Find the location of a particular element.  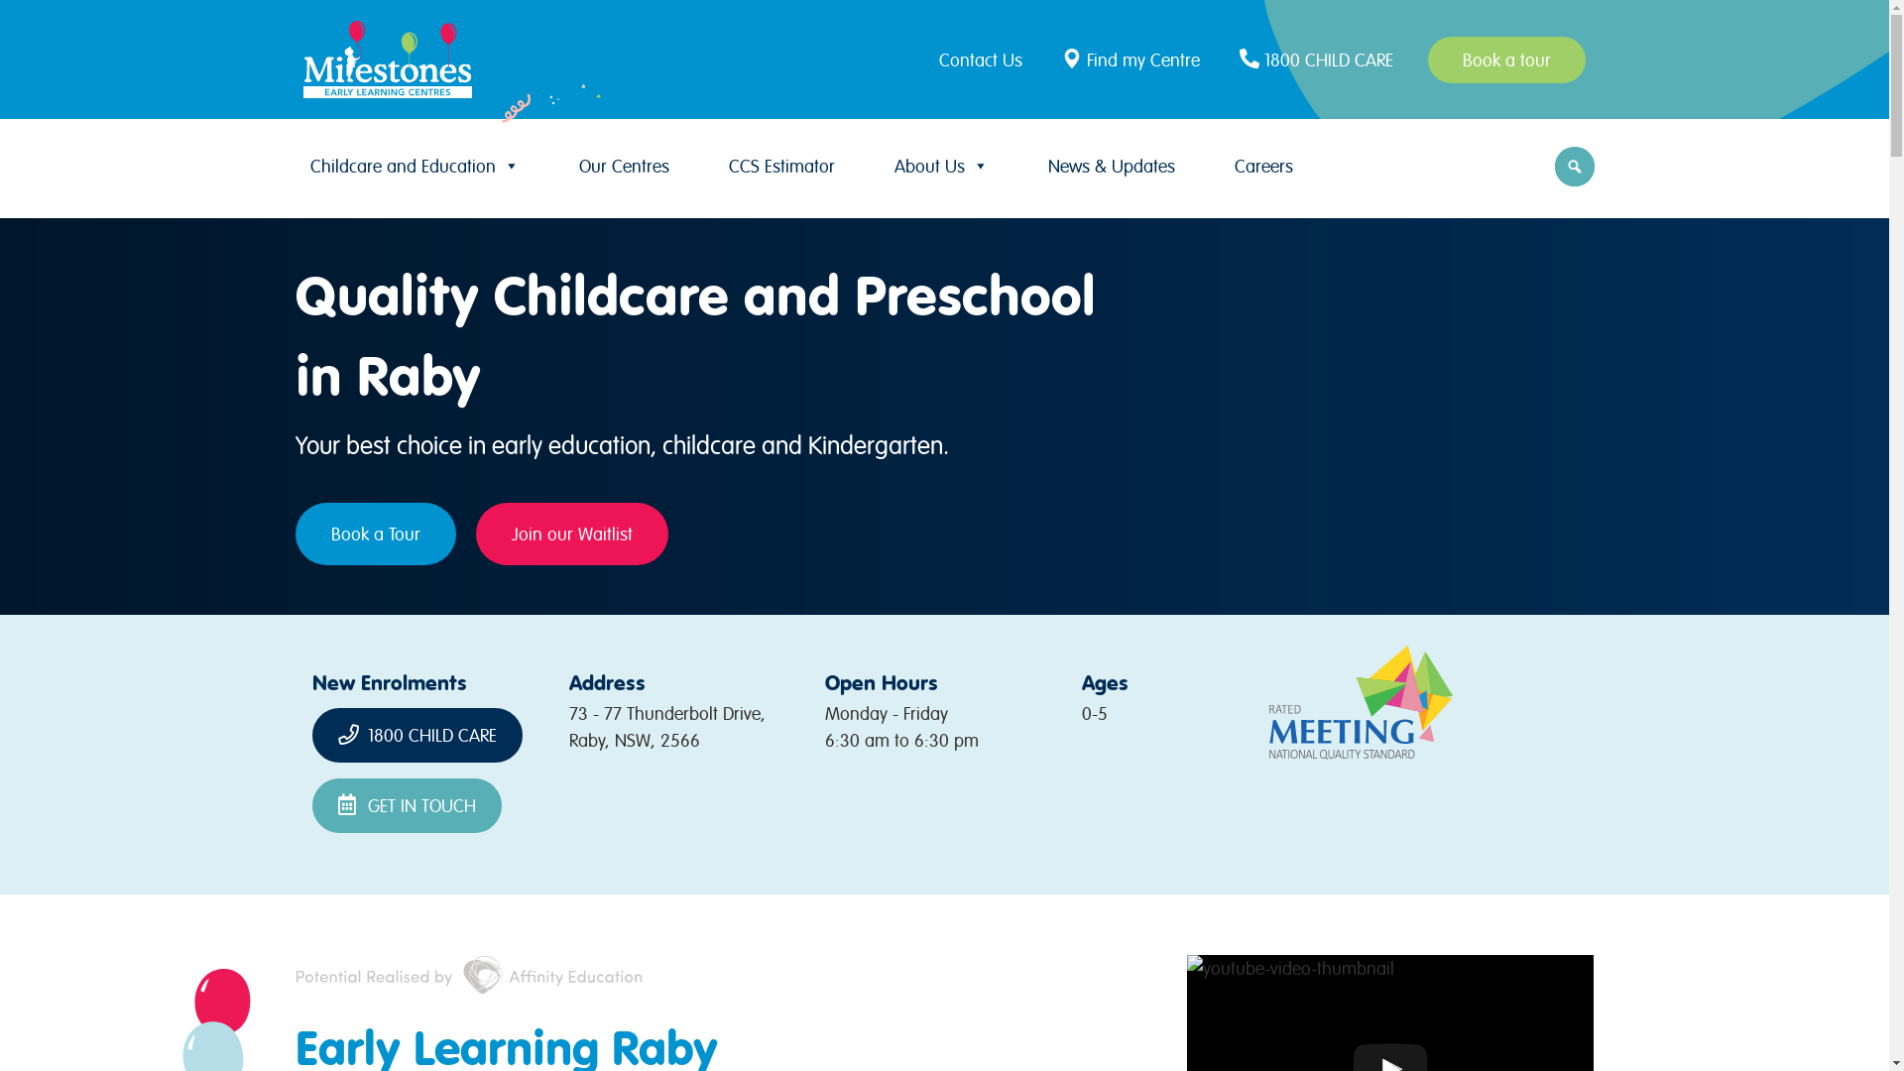

'Book a Tour' is located at coordinates (376, 533).